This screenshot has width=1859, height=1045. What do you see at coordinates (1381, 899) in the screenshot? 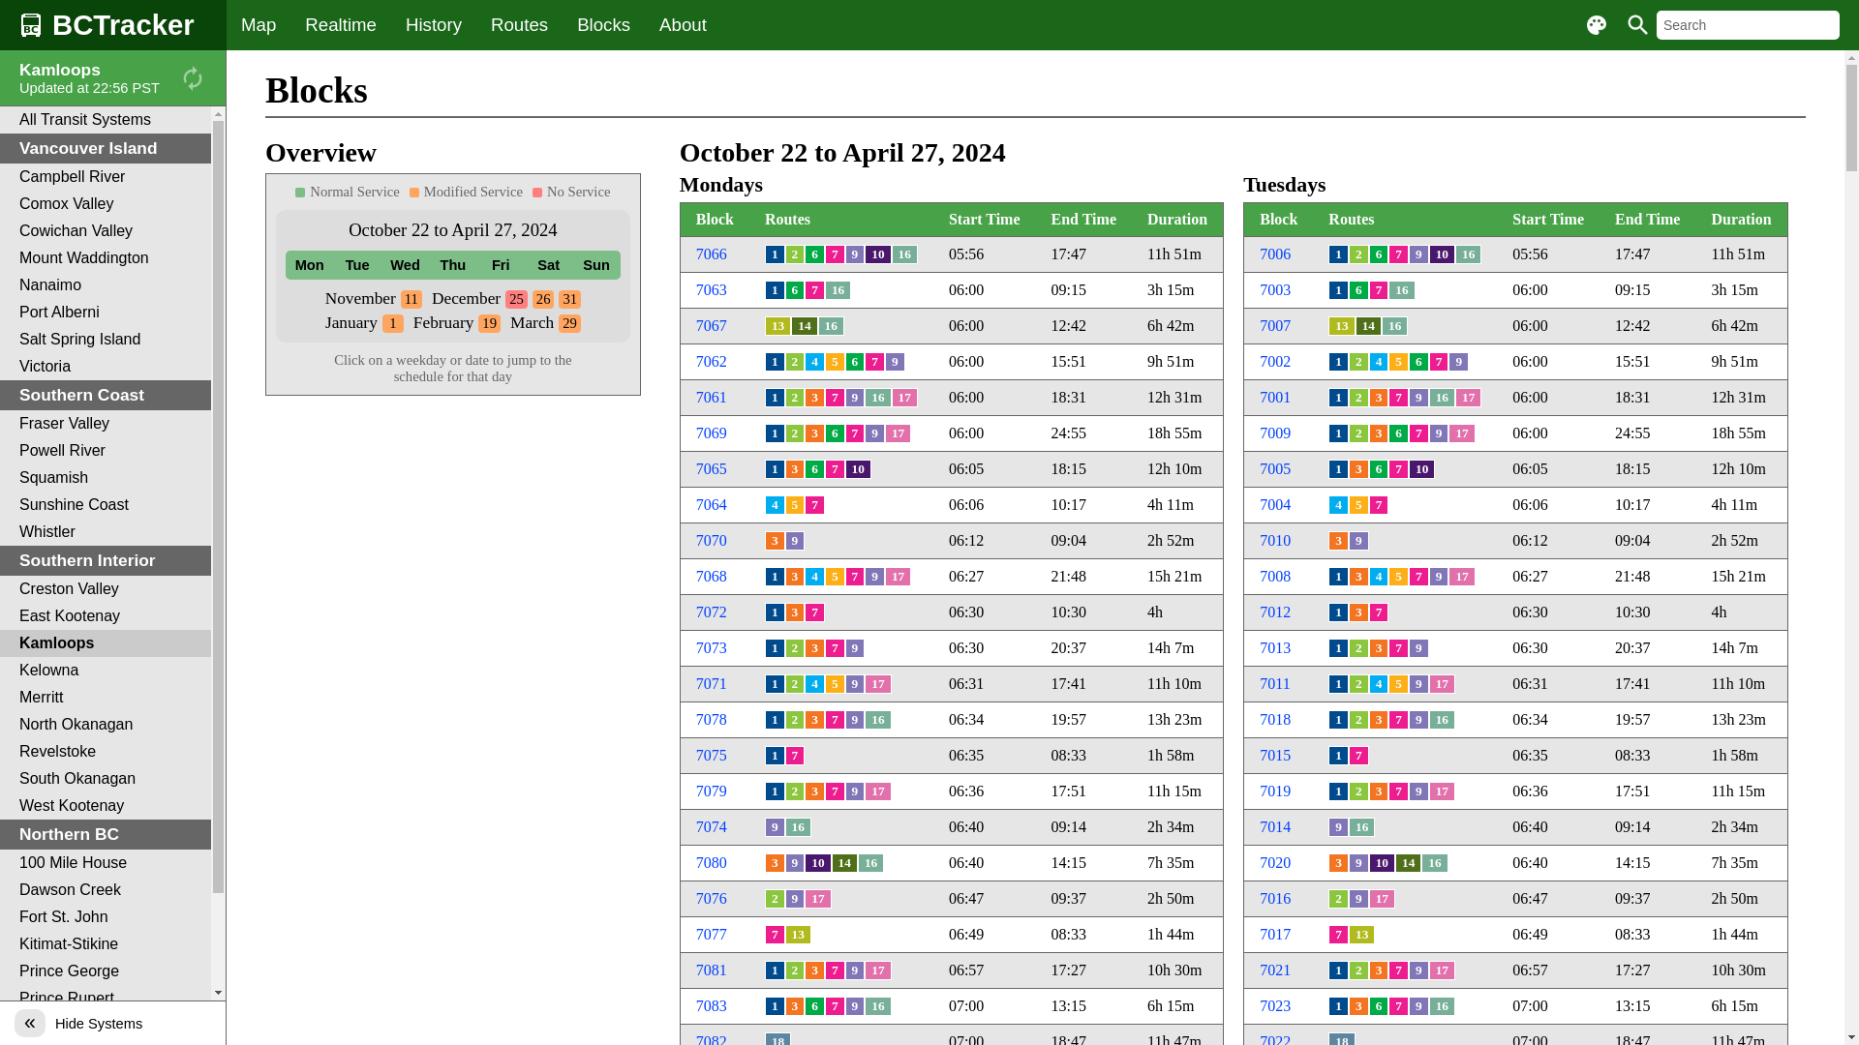
I see `'17'` at bounding box center [1381, 899].